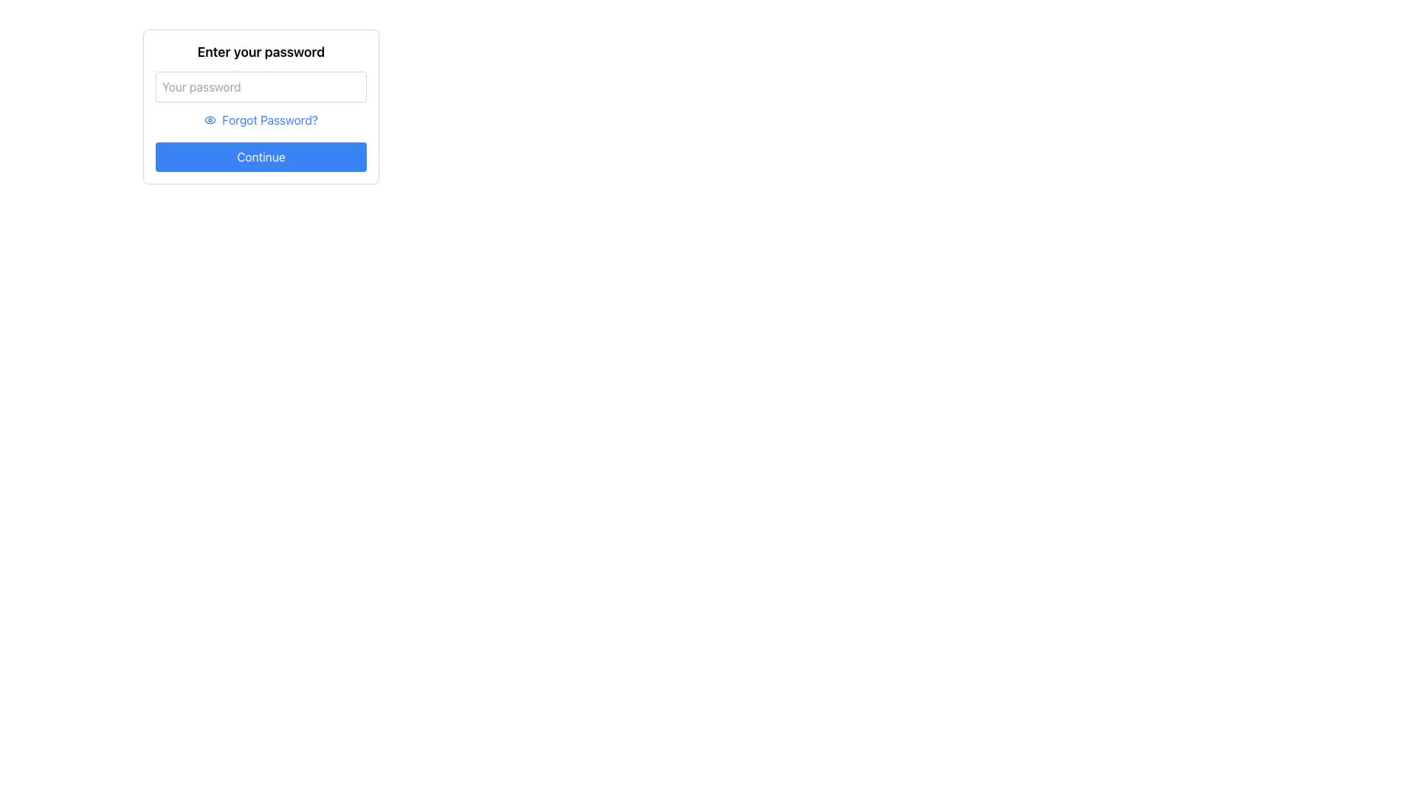 This screenshot has width=1417, height=797. I want to click on the 'Continue' button, which is a rectangular button with a blue background and white text, located centrally below the 'Forgot Password?' link and the password input field, so click(261, 156).